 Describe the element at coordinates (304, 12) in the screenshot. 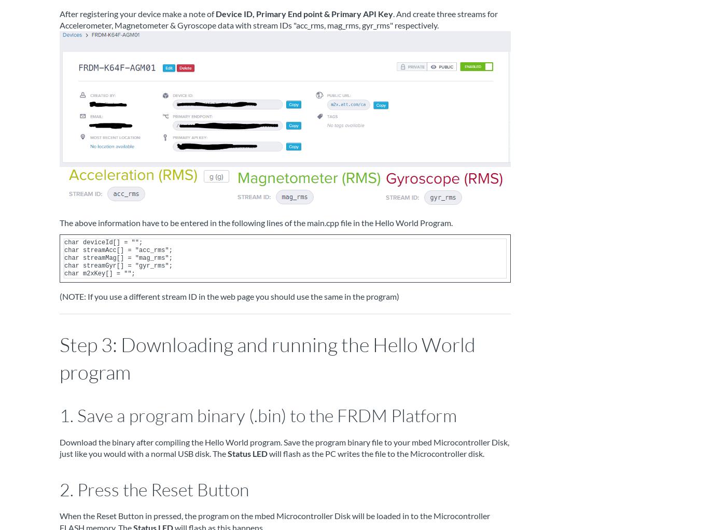

I see `'Device ID, Primary End point & Primary API Key'` at that location.